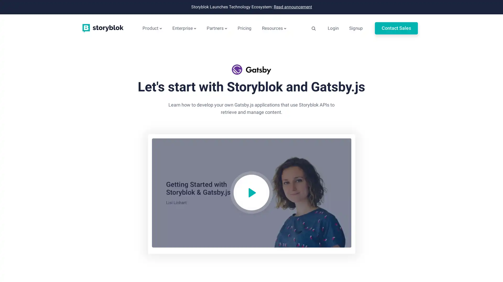 The width and height of the screenshot is (503, 282). What do you see at coordinates (152, 28) in the screenshot?
I see `Product` at bounding box center [152, 28].